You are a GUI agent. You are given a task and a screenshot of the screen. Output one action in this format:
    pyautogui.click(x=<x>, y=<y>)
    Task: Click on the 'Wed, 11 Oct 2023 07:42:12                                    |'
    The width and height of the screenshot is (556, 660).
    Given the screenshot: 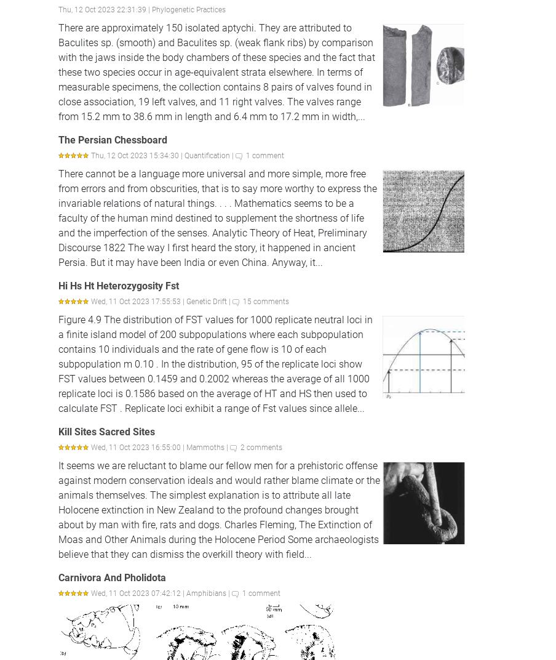 What is the action you would take?
    pyautogui.click(x=138, y=593)
    